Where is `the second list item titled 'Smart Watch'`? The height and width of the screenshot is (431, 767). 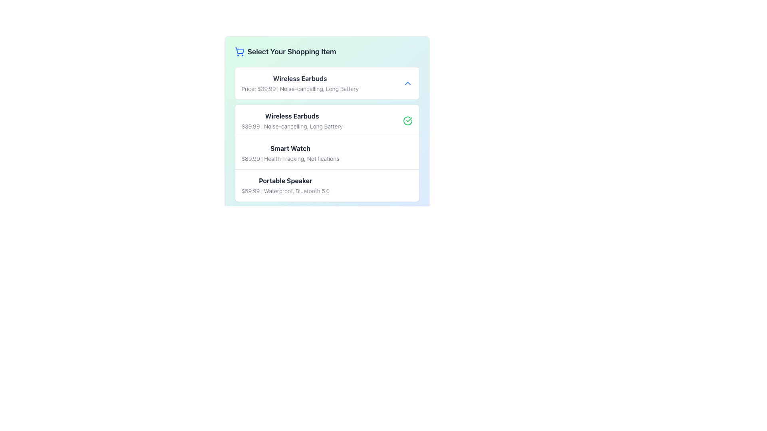 the second list item titled 'Smart Watch' is located at coordinates (327, 153).